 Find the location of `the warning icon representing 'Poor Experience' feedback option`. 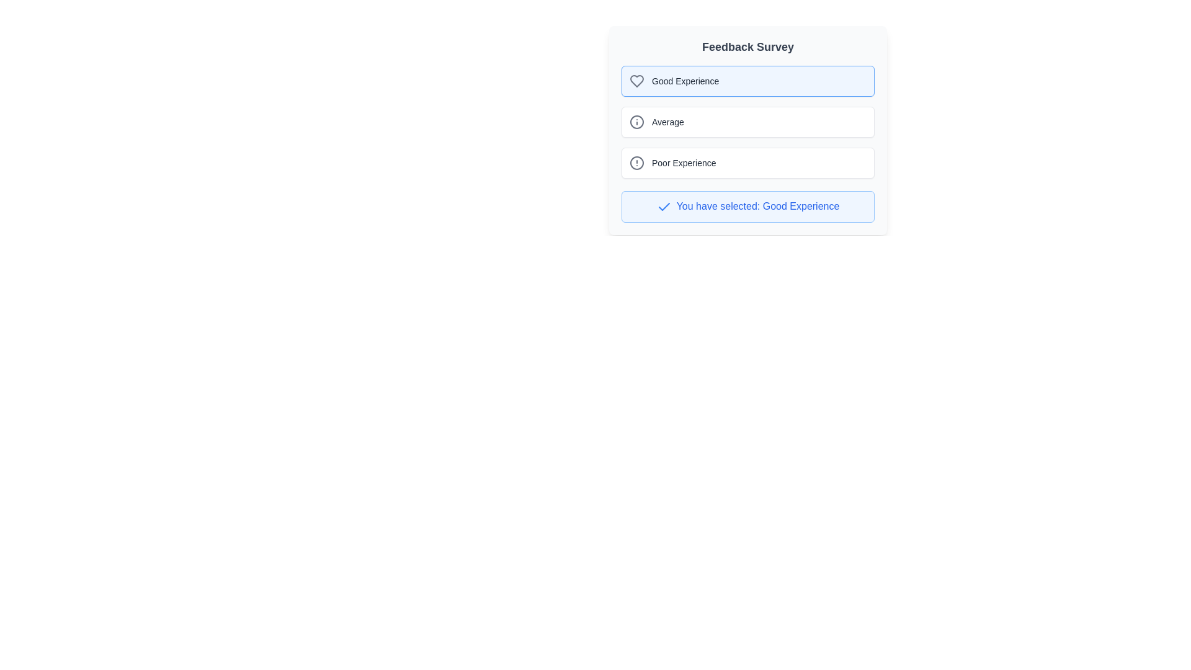

the warning icon representing 'Poor Experience' feedback option is located at coordinates (637, 162).